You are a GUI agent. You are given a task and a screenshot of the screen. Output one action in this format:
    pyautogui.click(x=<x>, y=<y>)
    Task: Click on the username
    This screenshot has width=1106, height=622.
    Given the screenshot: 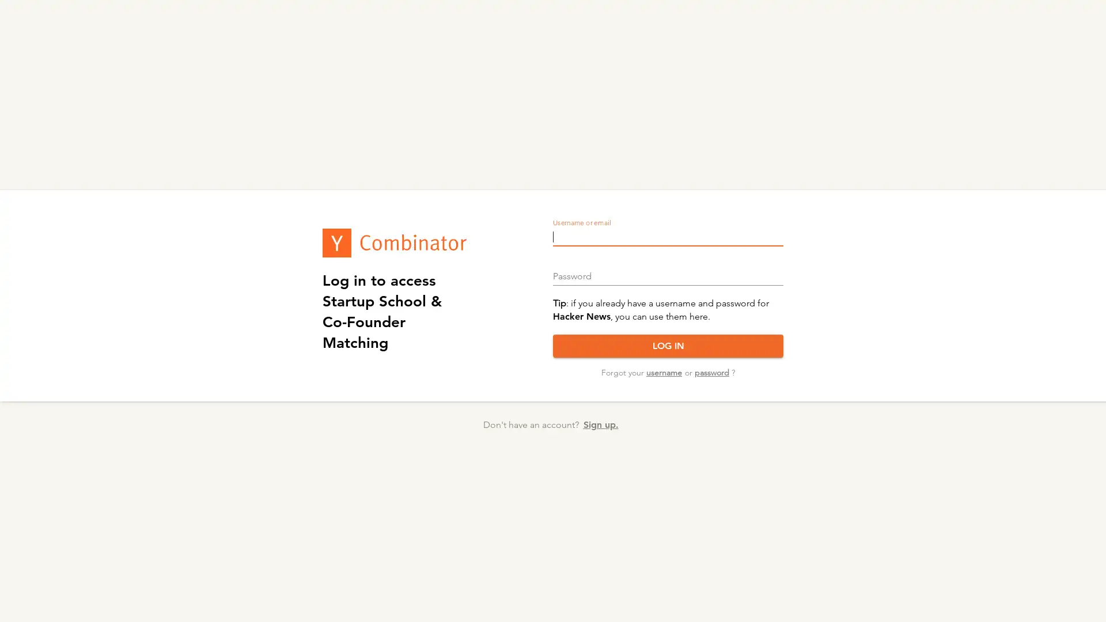 What is the action you would take?
    pyautogui.click(x=664, y=373)
    